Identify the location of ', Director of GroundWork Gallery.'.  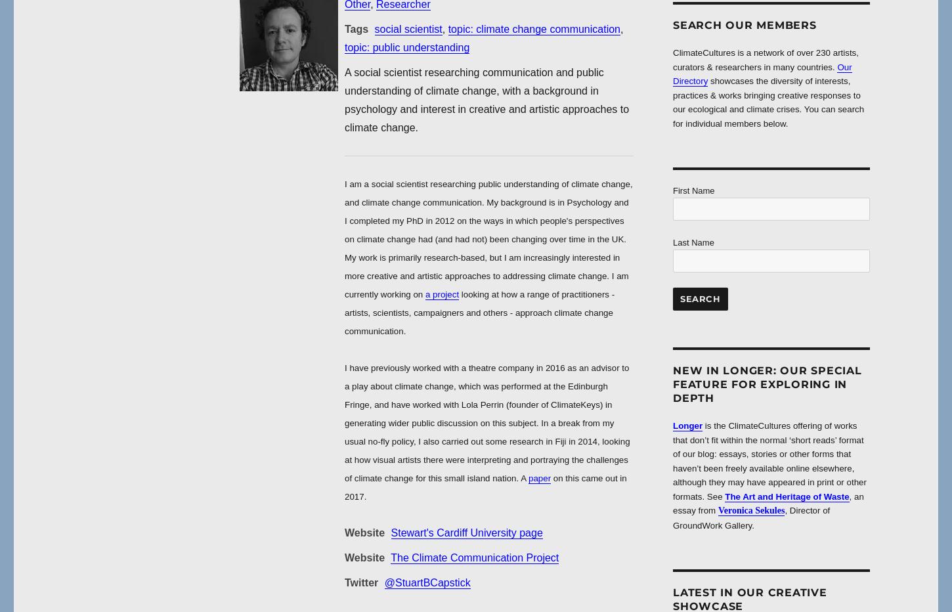
(750, 517).